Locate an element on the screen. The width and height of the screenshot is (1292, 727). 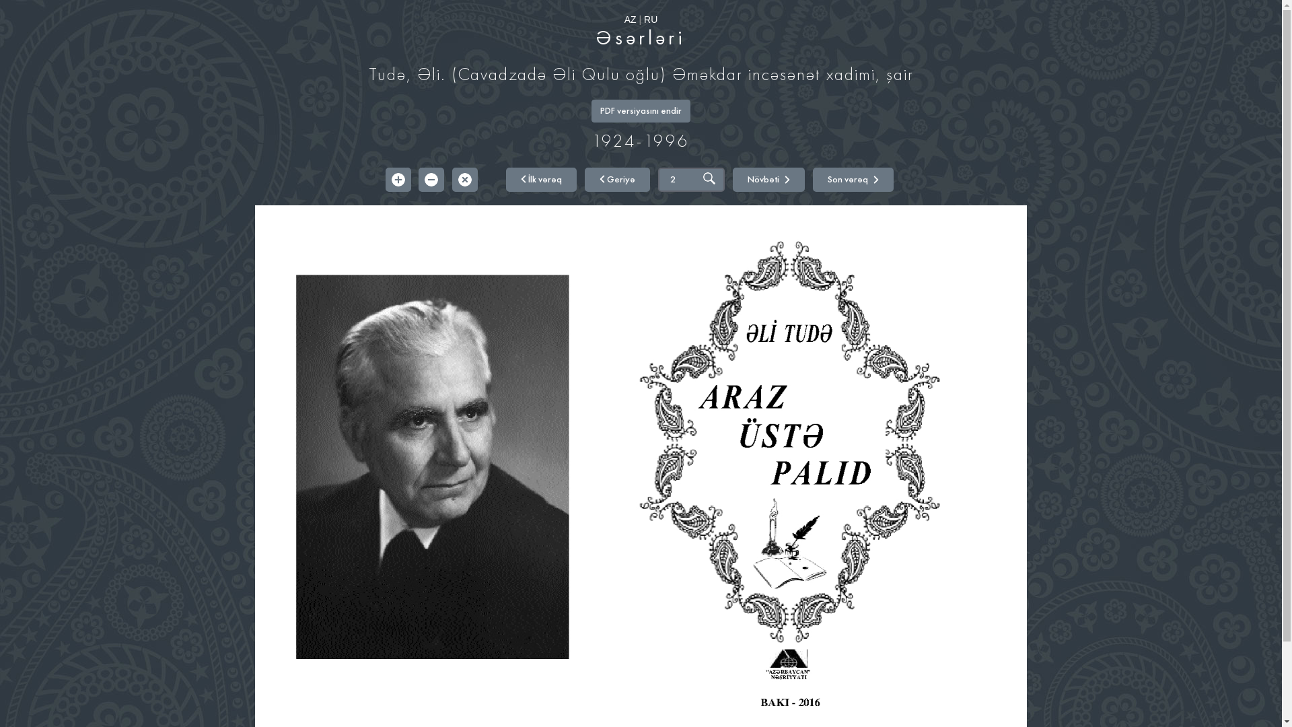
'AZ' is located at coordinates (623, 20).